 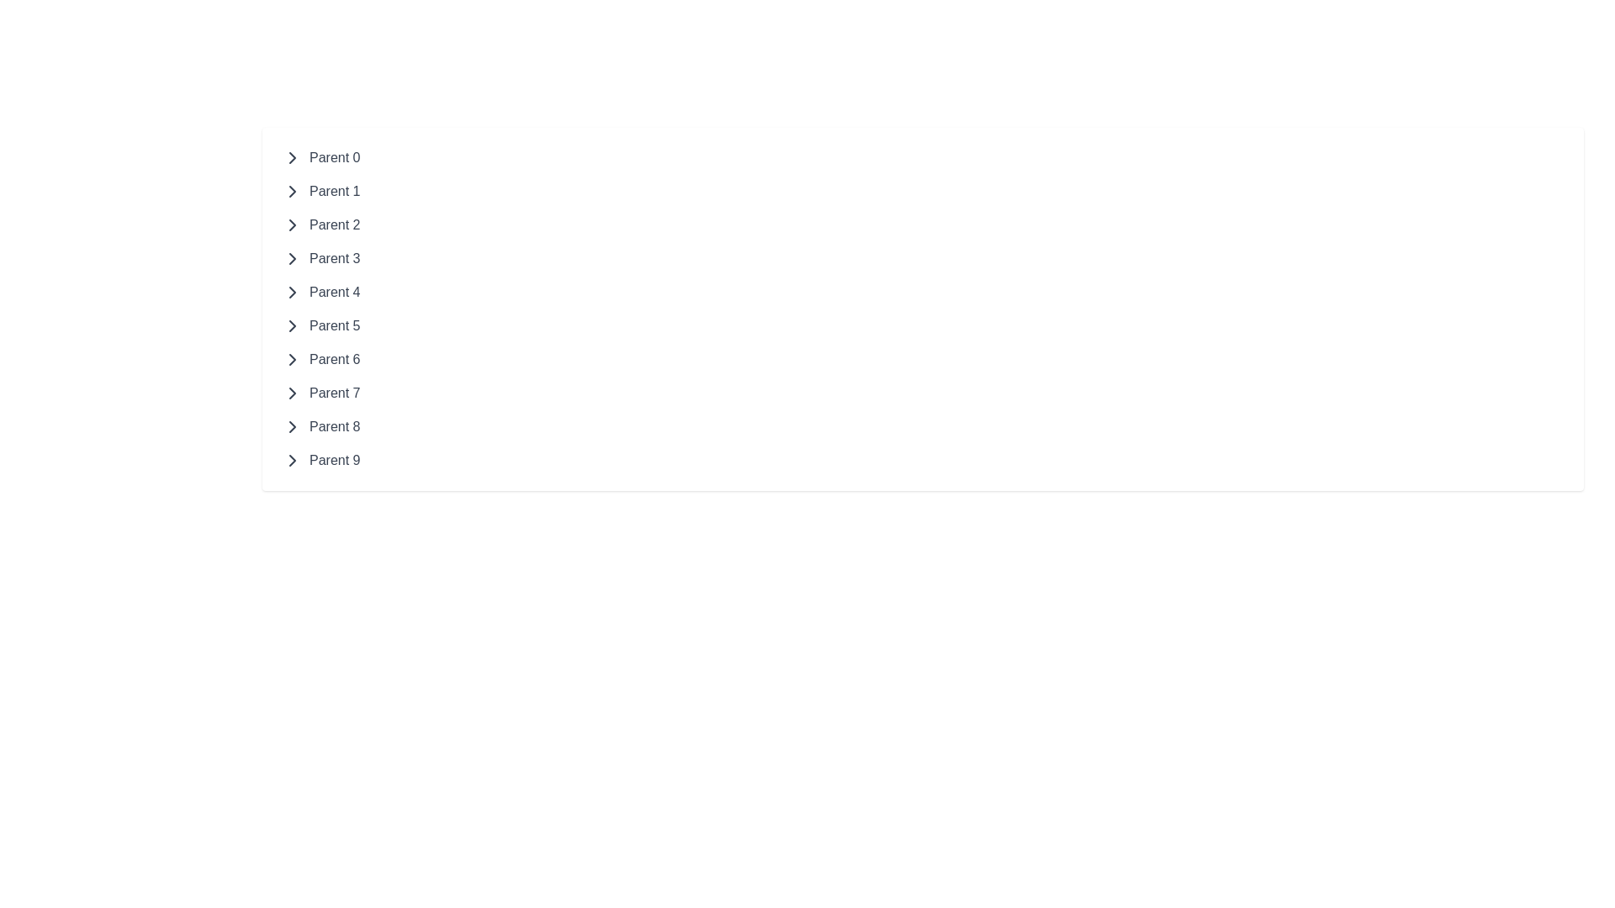 I want to click on the third clickable text label in the vertical list for accessibility navigation, so click(x=321, y=224).